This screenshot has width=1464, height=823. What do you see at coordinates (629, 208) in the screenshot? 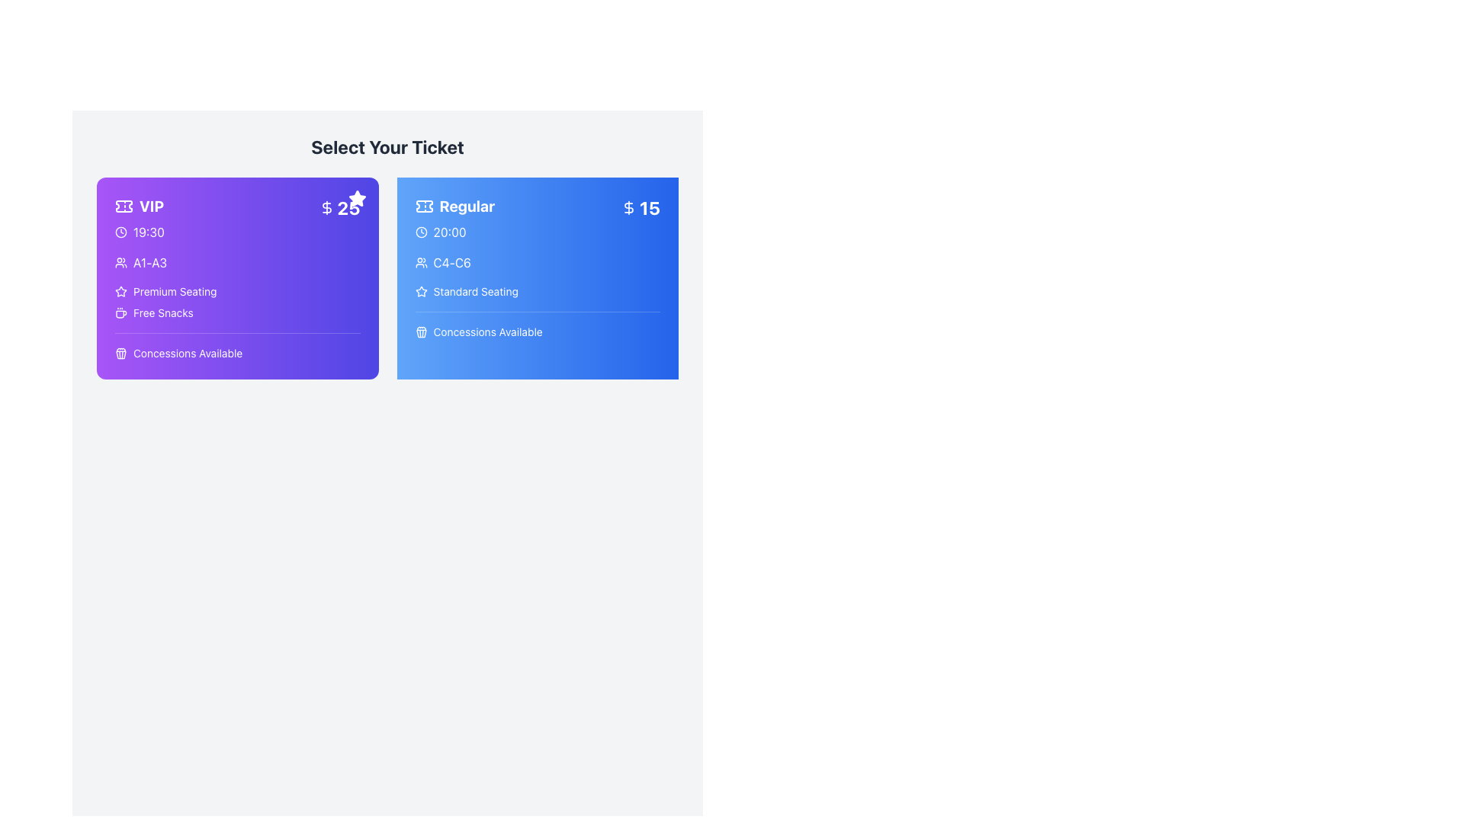
I see `the pricing icon located at the top-right section of the blue 'Regular' ticket card, positioned immediately to the left of the '15' label` at bounding box center [629, 208].